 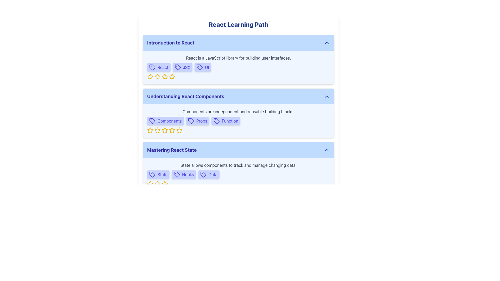 What do you see at coordinates (165, 76) in the screenshot?
I see `the third star icon in the five-star rating component for the 'Introduction to React' section, which has a yellow outline and is visually adjacent to the text tags React, JSX, and UI` at bounding box center [165, 76].